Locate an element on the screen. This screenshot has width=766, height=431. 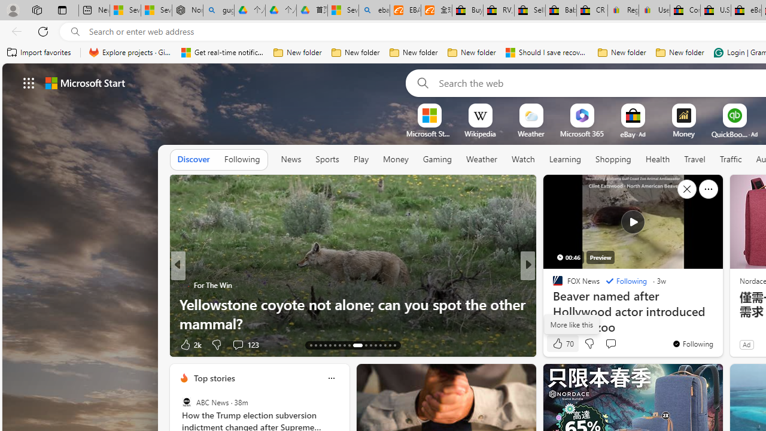
'AutomationID: tab-34' is located at coordinates (389, 345).